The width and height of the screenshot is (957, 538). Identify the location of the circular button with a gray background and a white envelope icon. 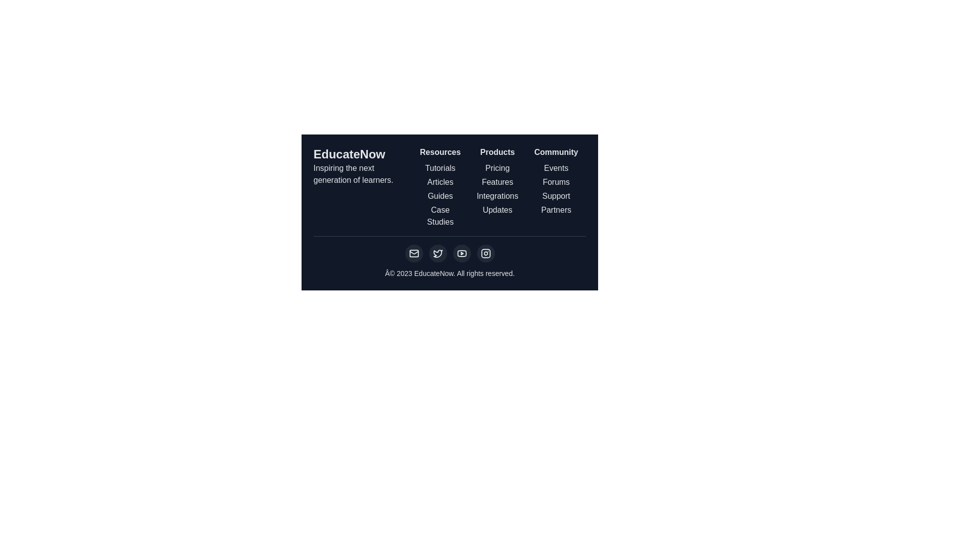
(414, 253).